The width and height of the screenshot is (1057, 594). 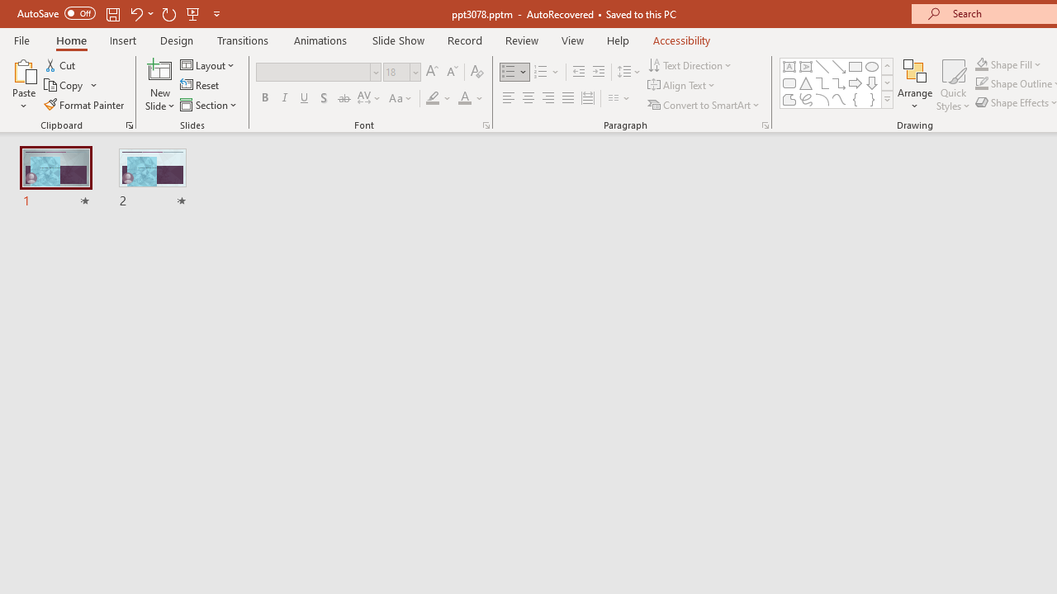 What do you see at coordinates (982, 64) in the screenshot?
I see `'Shape Fill Dark Green, Accent 2'` at bounding box center [982, 64].